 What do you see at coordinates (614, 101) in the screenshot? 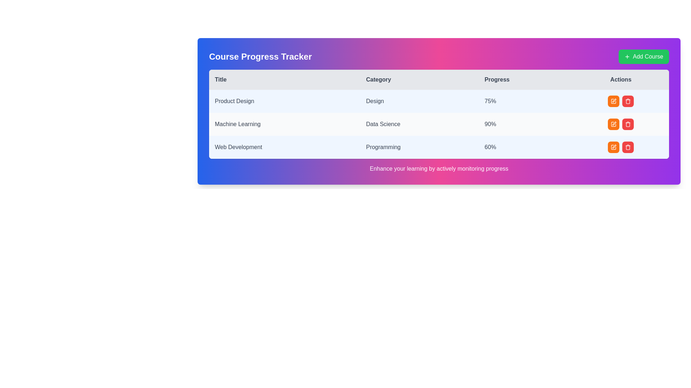
I see `the icon-based button in the 'Actions' column of the second row for the 'Machine Learning' course entry` at bounding box center [614, 101].